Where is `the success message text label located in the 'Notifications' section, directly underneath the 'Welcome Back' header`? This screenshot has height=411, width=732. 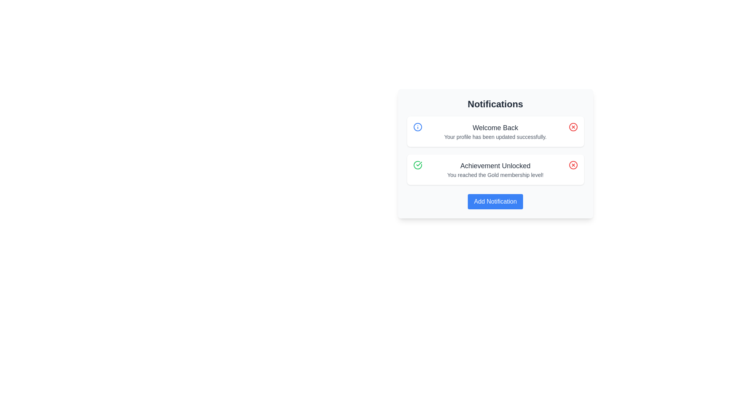 the success message text label located in the 'Notifications' section, directly underneath the 'Welcome Back' header is located at coordinates (495, 136).